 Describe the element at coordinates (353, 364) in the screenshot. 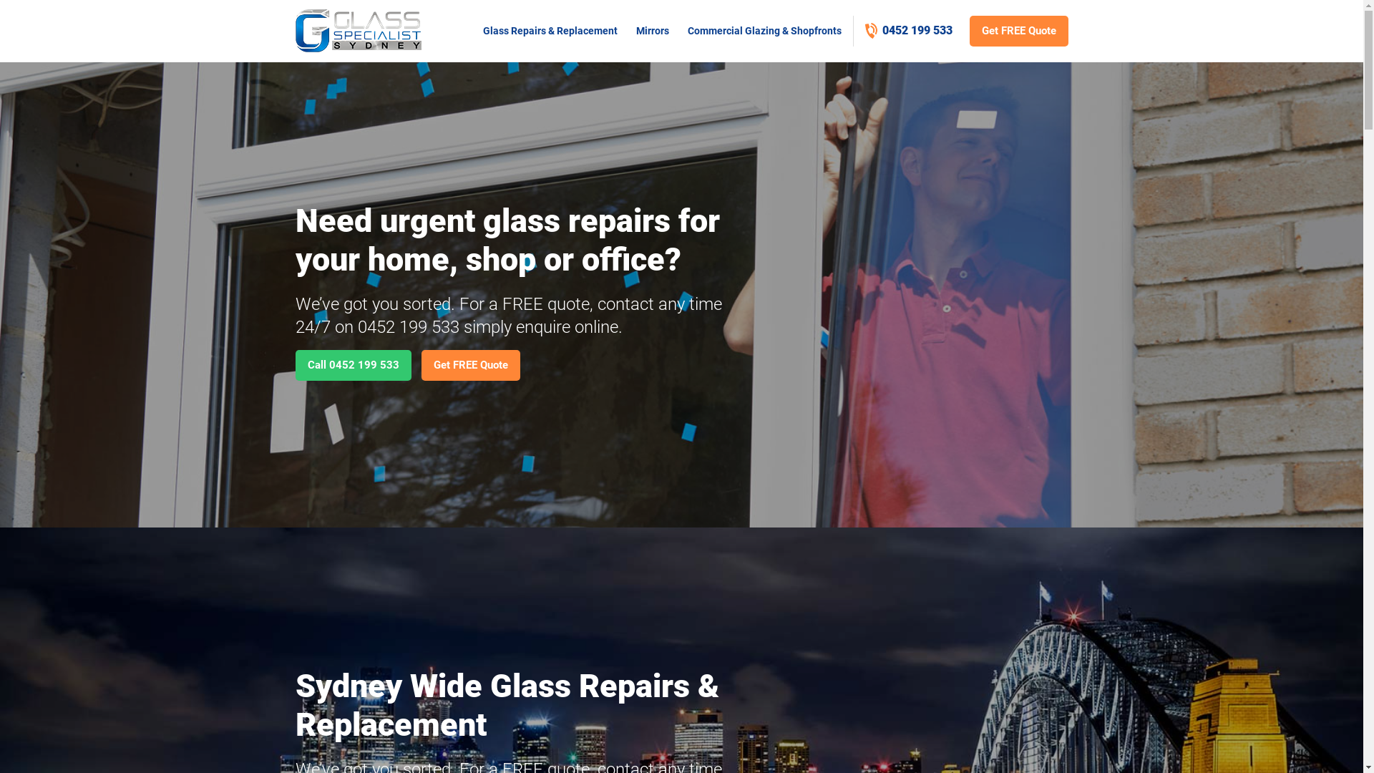

I see `'Call 0452 199 533'` at that location.